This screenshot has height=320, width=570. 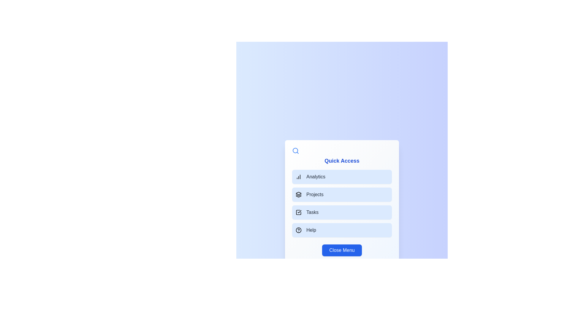 What do you see at coordinates (342, 250) in the screenshot?
I see `the 'Close Menu' button to hide the menu` at bounding box center [342, 250].